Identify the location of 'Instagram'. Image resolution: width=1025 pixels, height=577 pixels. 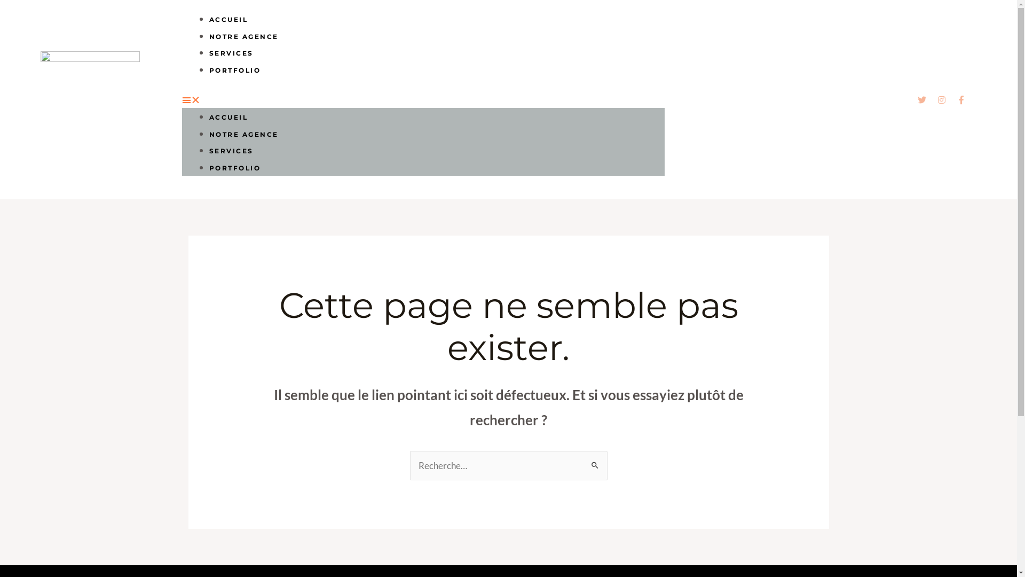
(941, 99).